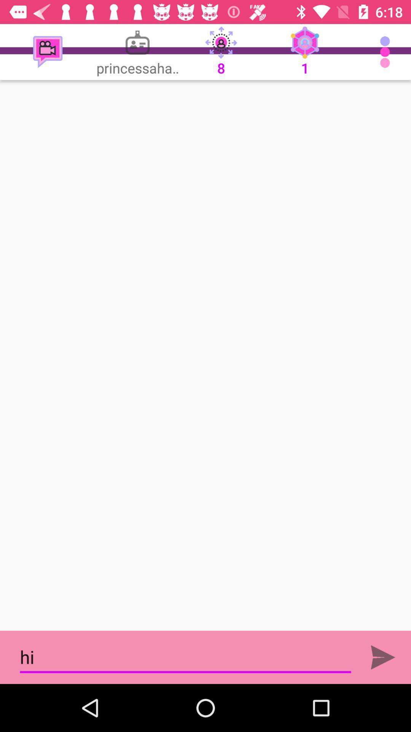 The width and height of the screenshot is (411, 732). I want to click on next, so click(383, 657).